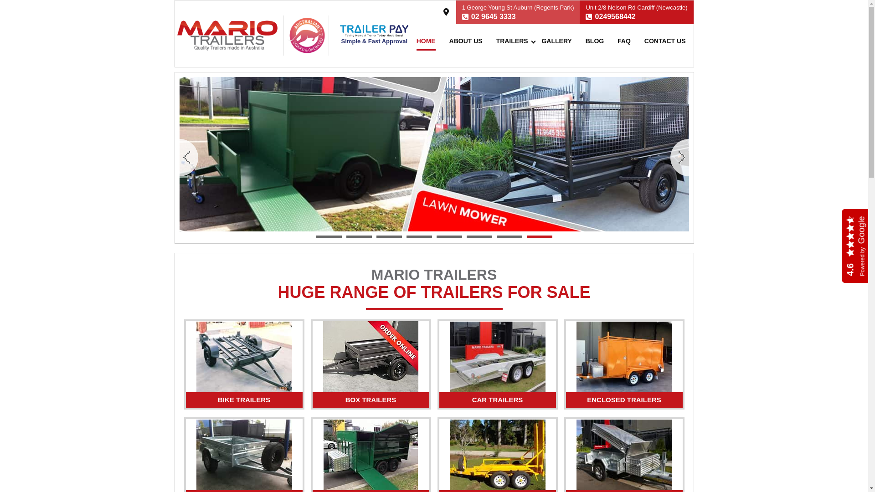  Describe the element at coordinates (509, 236) in the screenshot. I see `'7'` at that location.